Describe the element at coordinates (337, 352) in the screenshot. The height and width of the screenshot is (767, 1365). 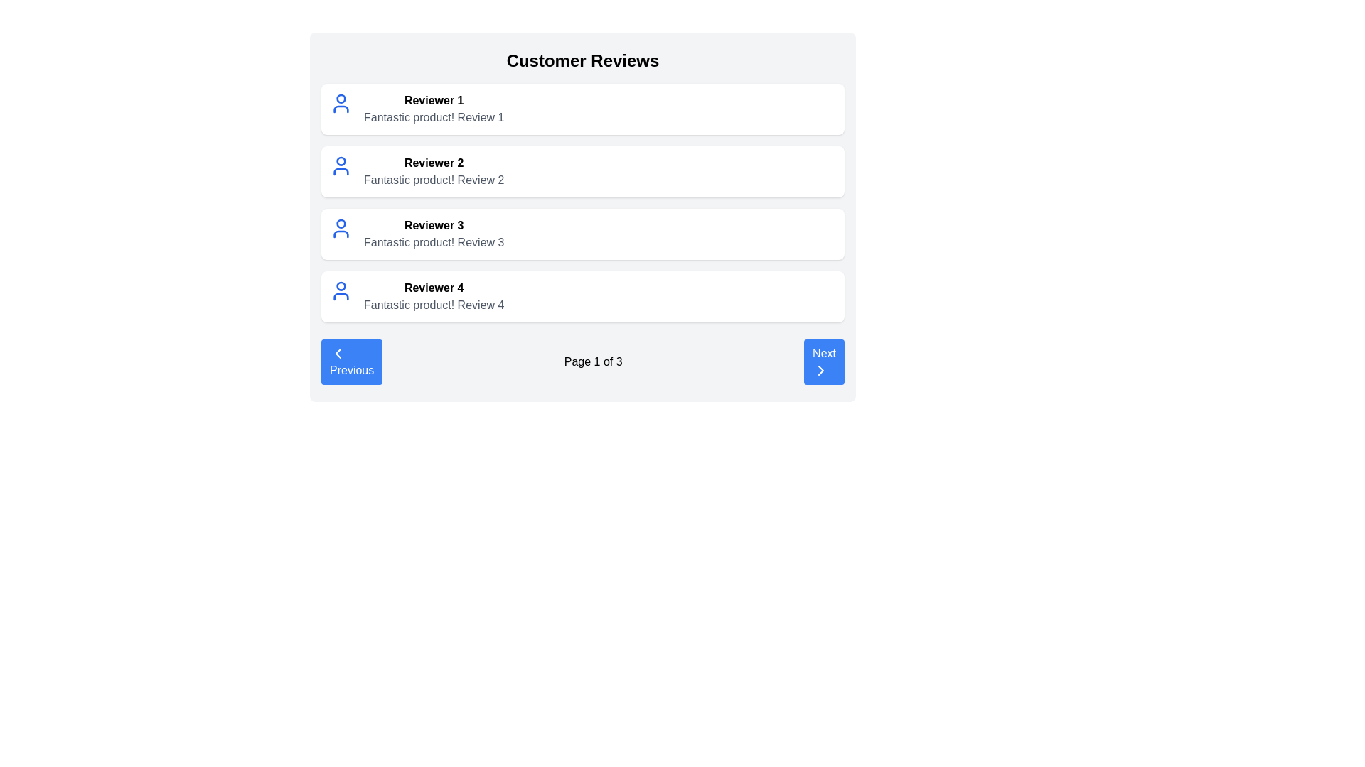
I see `the icon representing the 'Previous' action located at the bottom-left corner of the interface` at that location.